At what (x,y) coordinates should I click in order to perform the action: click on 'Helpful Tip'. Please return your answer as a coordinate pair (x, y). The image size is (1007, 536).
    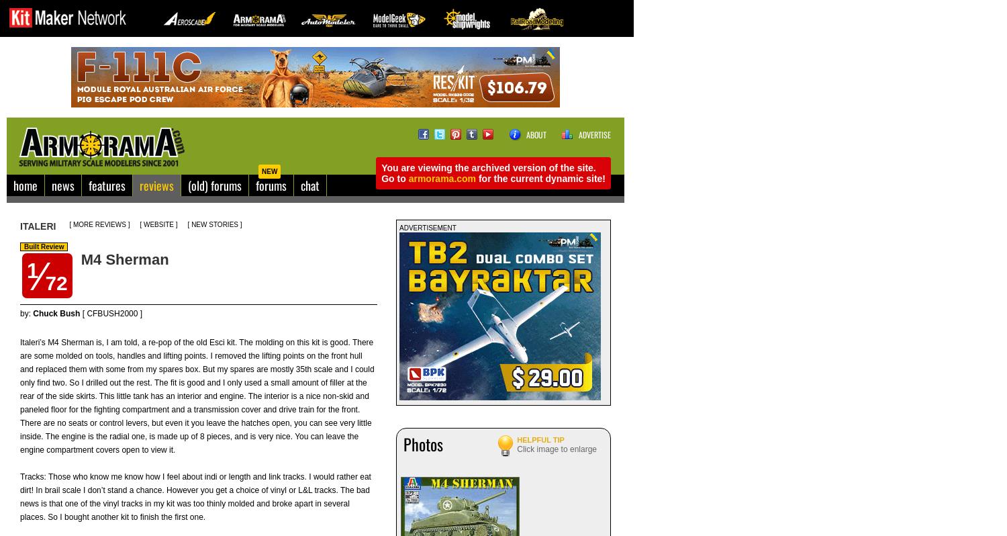
    Looking at the image, I should click on (540, 439).